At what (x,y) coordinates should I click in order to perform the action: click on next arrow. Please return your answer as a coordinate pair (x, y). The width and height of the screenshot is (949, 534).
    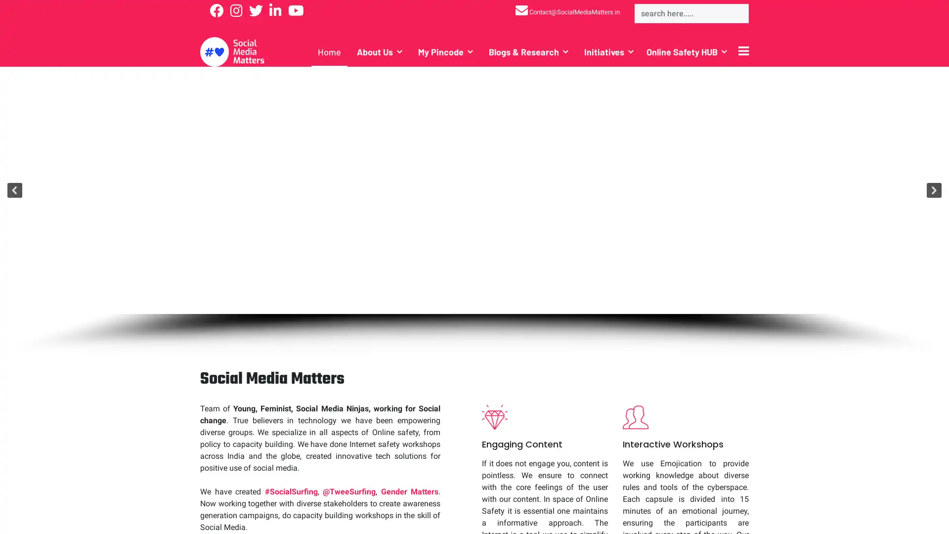
    Looking at the image, I should click on (934, 190).